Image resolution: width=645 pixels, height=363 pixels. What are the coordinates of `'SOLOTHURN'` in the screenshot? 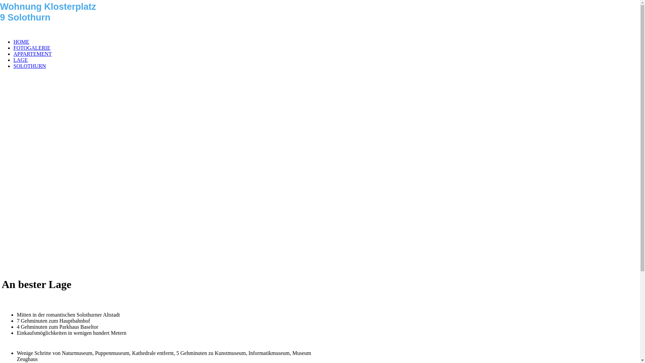 It's located at (29, 66).